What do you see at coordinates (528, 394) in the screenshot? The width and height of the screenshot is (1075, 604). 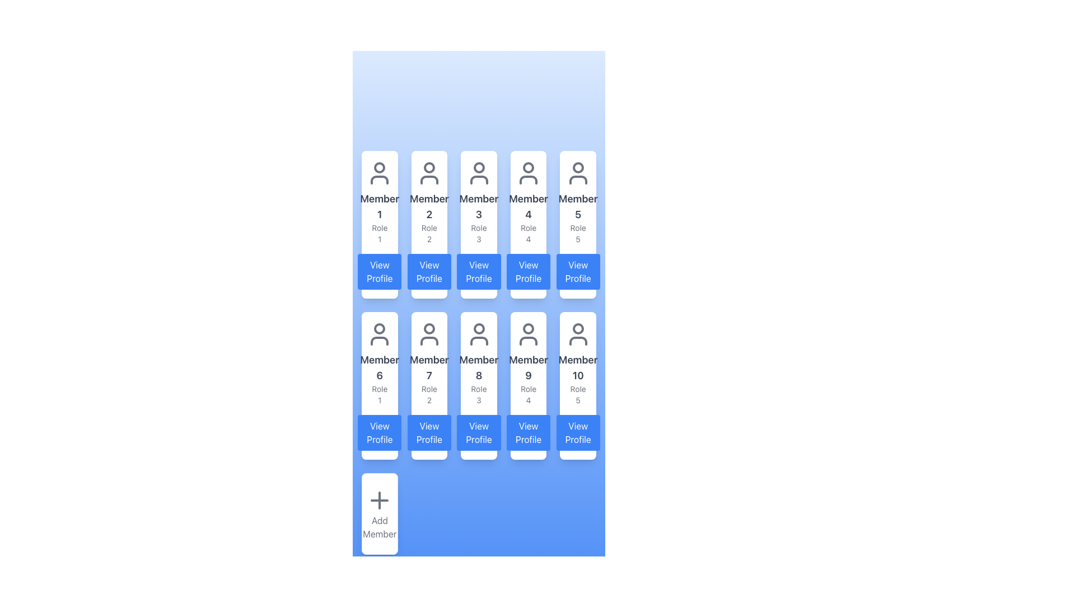 I see `the Text Label displaying the role designation of 'Member 9', located in the ninth card of the grid layout, positioned below 'Member 9' and above 'View Profile'` at bounding box center [528, 394].